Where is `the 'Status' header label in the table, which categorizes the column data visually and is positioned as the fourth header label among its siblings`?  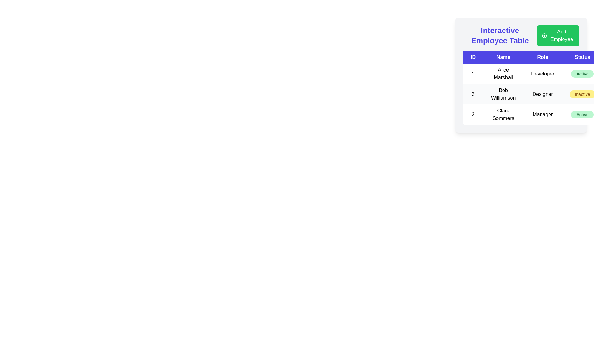 the 'Status' header label in the table, which categorizes the column data visually and is positioned as the fourth header label among its siblings is located at coordinates (582, 57).